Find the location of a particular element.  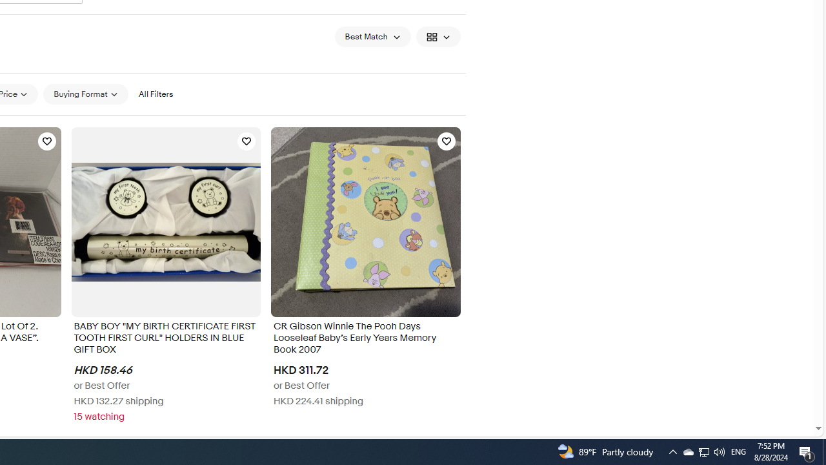

'All Filters' is located at coordinates (155, 93).